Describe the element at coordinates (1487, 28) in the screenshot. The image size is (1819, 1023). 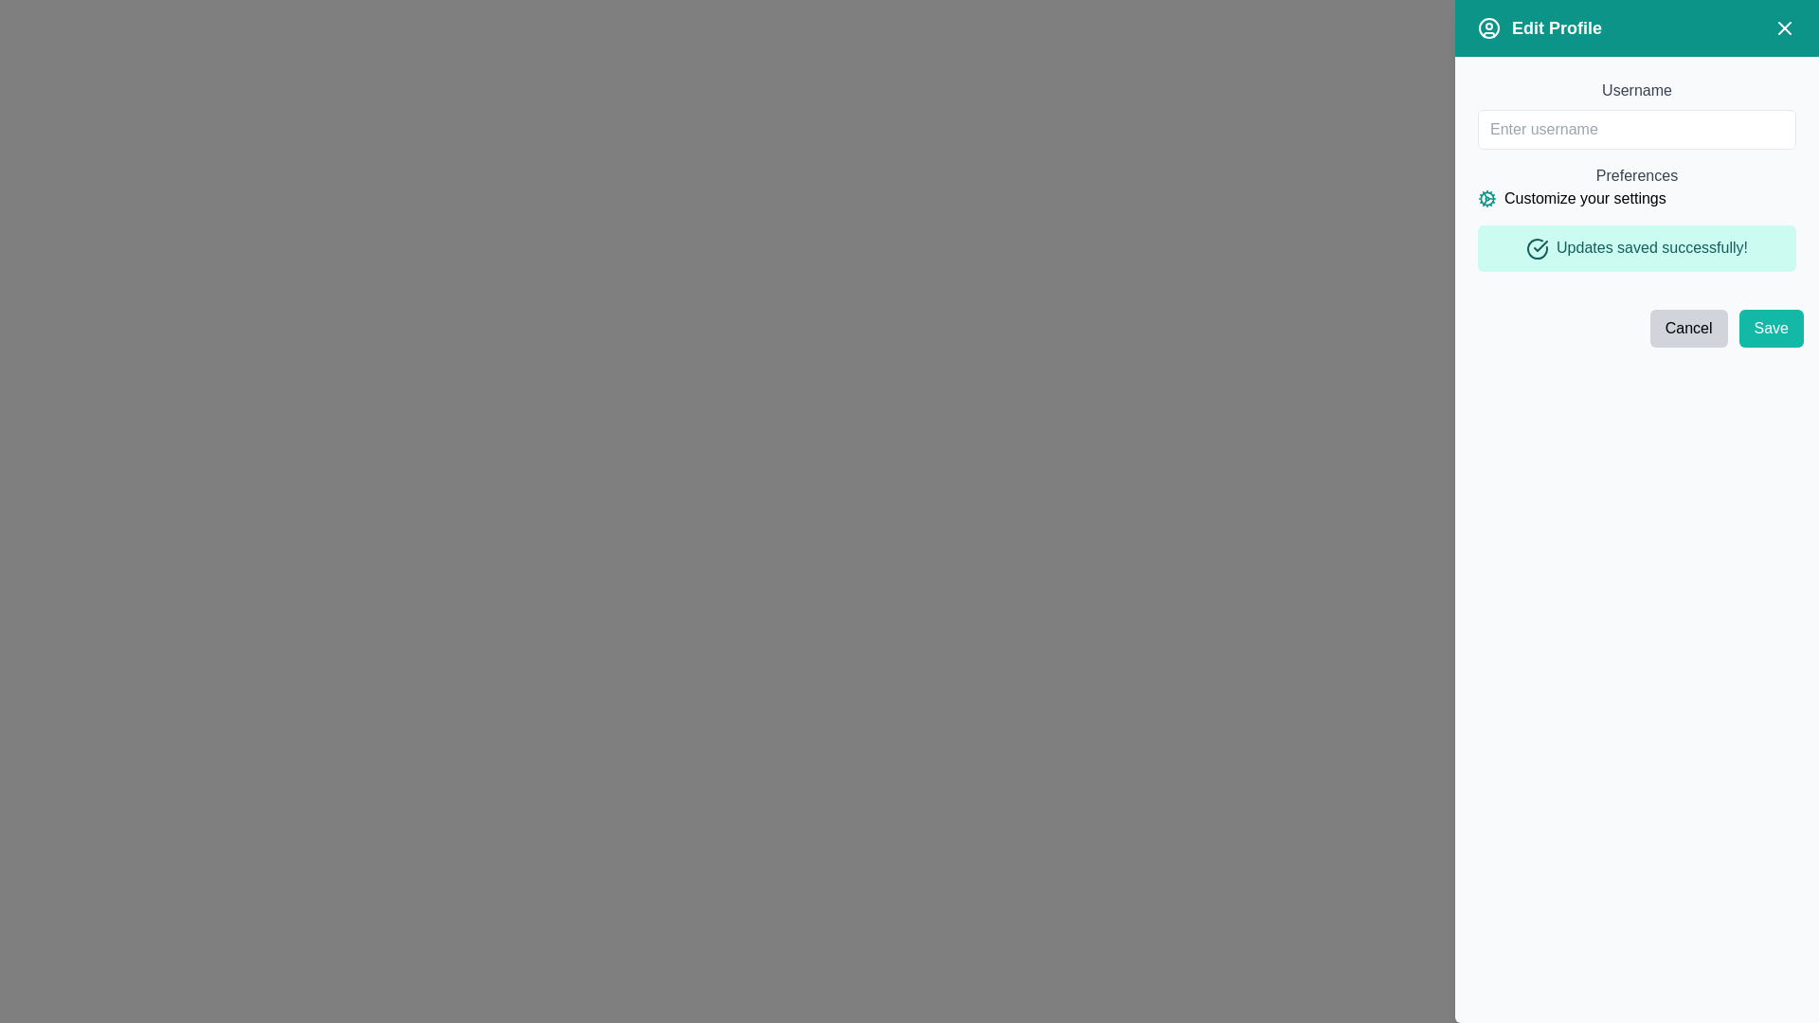
I see `the user profile picture icon located at the top left of the interface, next to the 'Edit Profile' text` at that location.